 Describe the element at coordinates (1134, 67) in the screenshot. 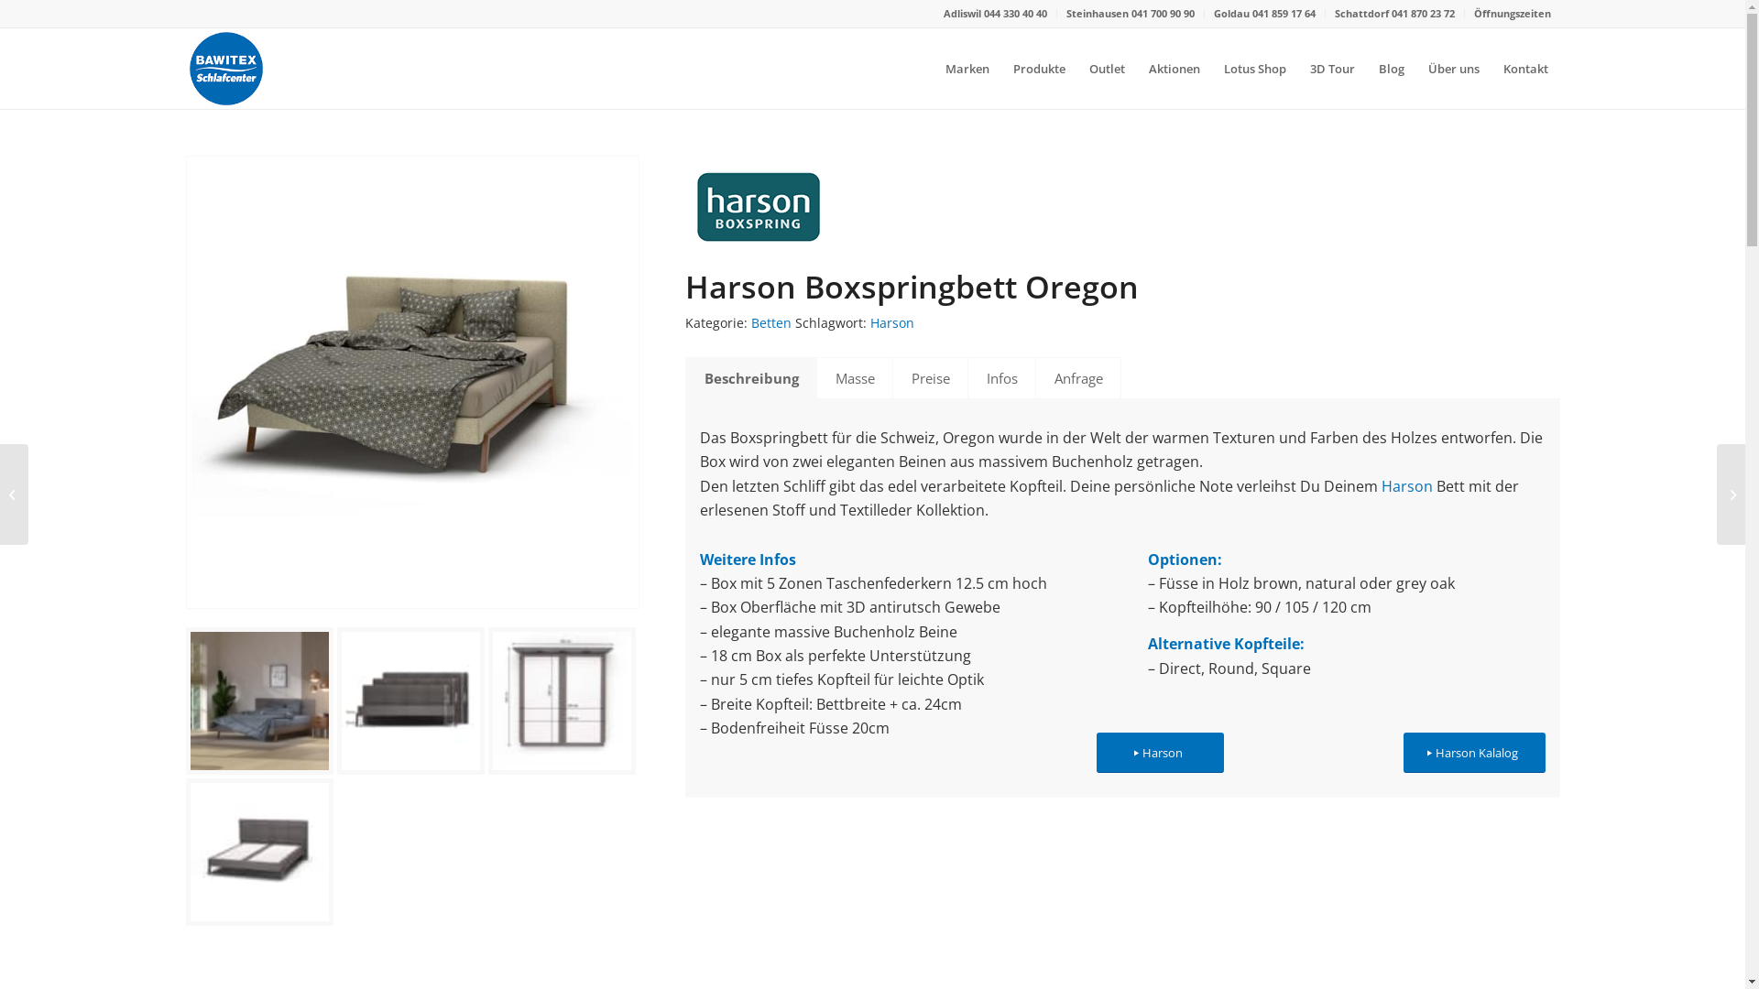

I see `'Aktionen'` at that location.